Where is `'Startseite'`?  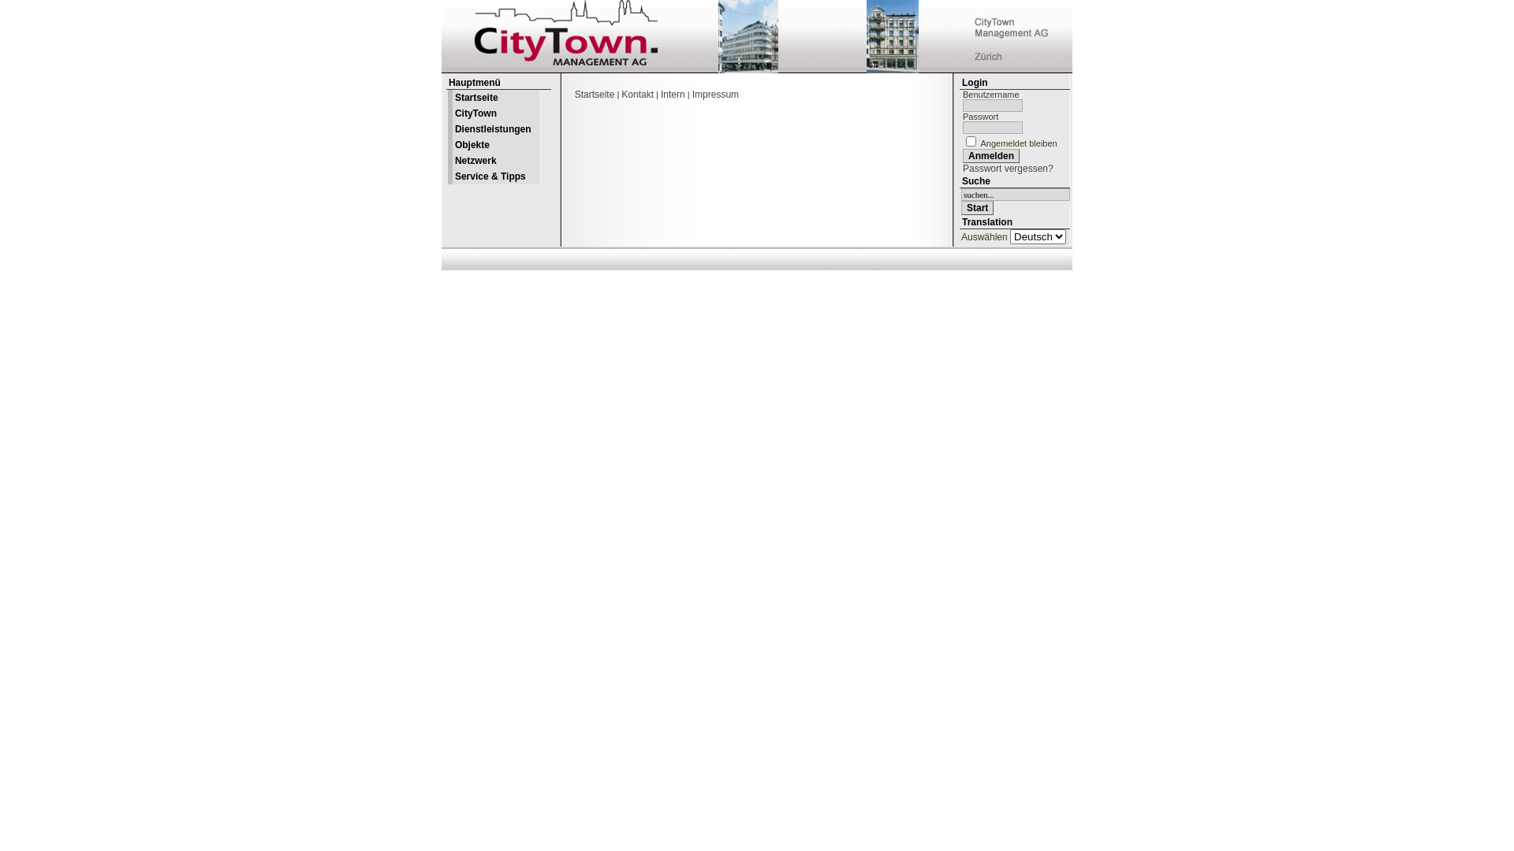 'Startseite' is located at coordinates (492, 97).